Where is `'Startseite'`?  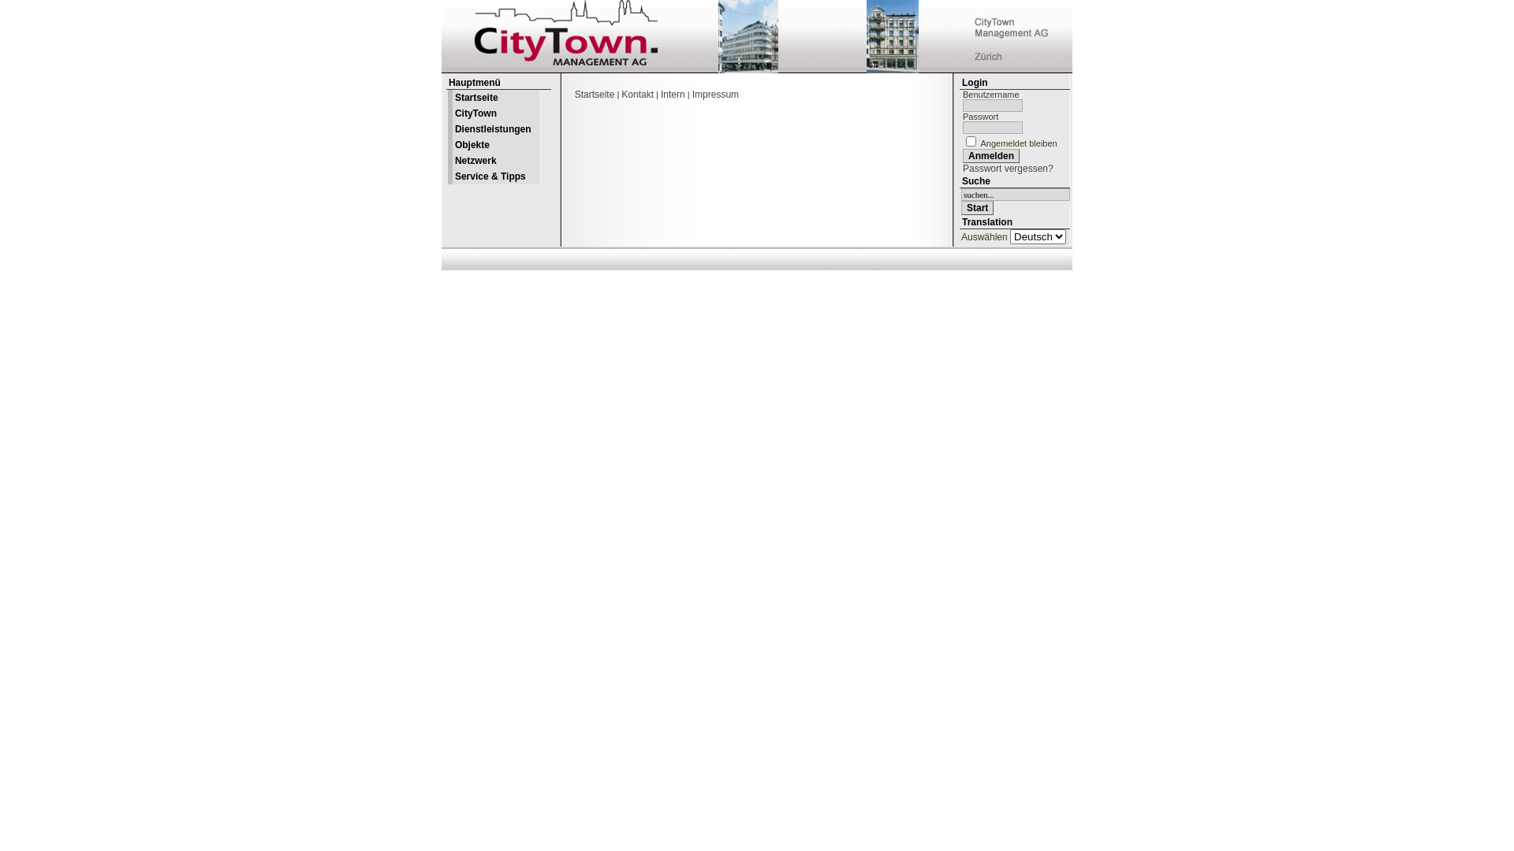 'Startseite' is located at coordinates (492, 97).